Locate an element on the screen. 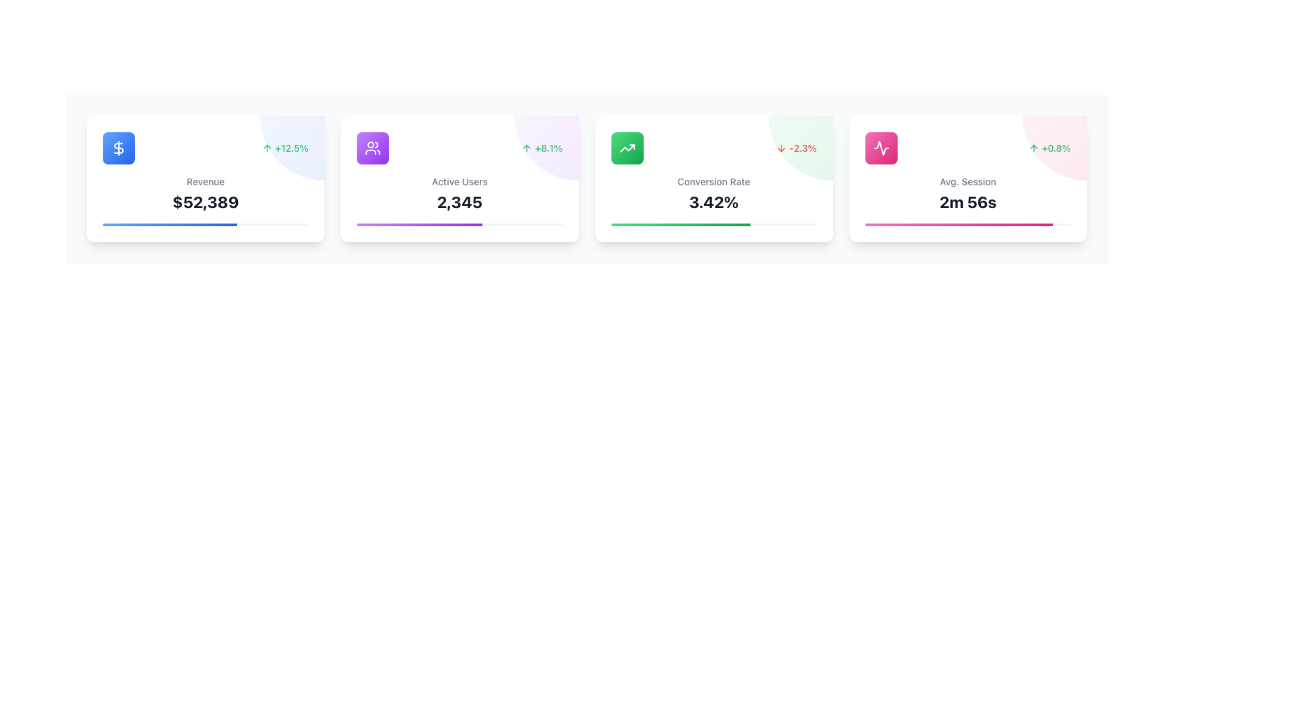 The width and height of the screenshot is (1290, 725). value displayed in the text element that shows the duration of the average session, located in the fourth card of the dashboard under the label 'Avg. Session' is located at coordinates (967, 201).